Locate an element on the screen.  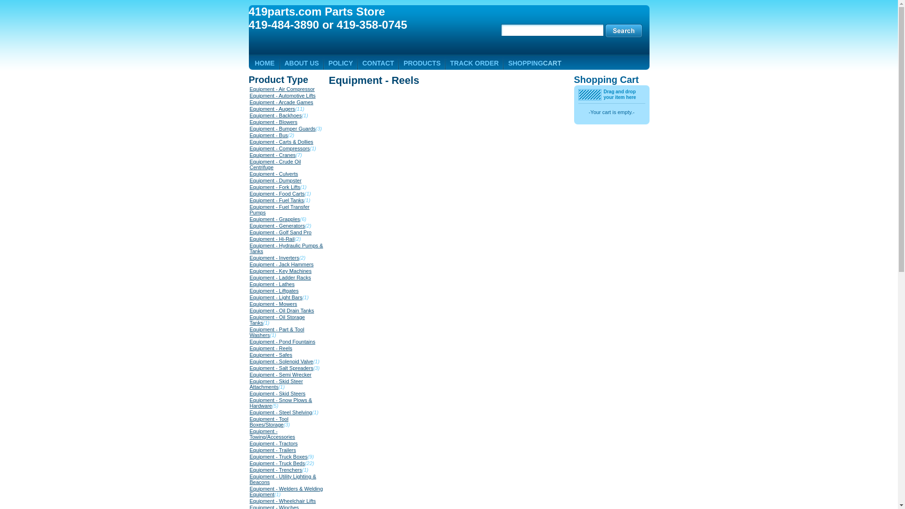
'Equipment - Liftgates' is located at coordinates (273, 290).